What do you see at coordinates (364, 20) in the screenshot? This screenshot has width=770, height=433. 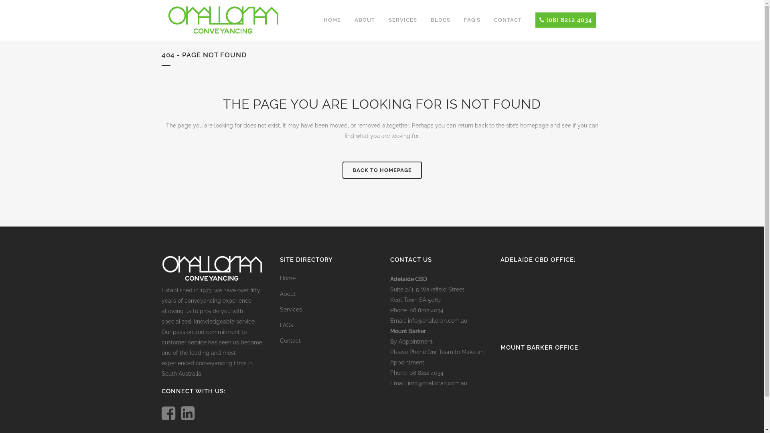 I see `'ABOUT'` at bounding box center [364, 20].